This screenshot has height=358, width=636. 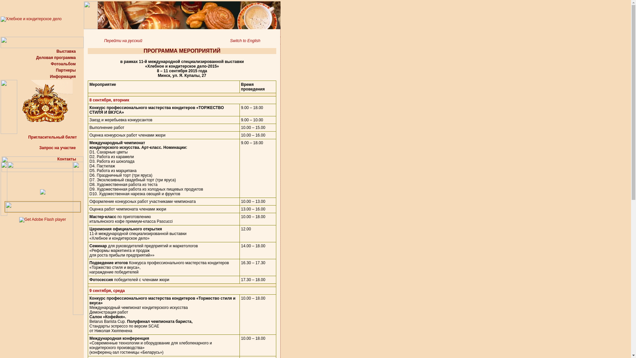 What do you see at coordinates (255, 41) in the screenshot?
I see `'Switch to English'` at bounding box center [255, 41].